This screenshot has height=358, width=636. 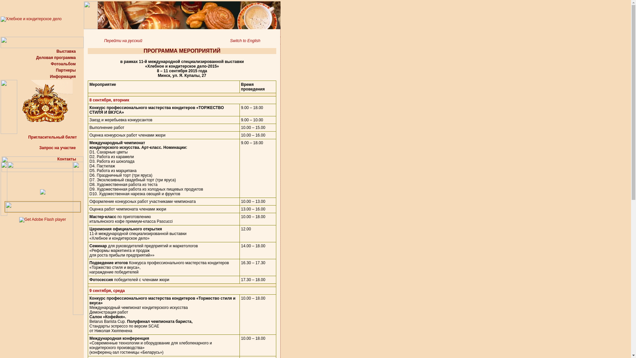 What do you see at coordinates (255, 41) in the screenshot?
I see `'Switch to English'` at bounding box center [255, 41].